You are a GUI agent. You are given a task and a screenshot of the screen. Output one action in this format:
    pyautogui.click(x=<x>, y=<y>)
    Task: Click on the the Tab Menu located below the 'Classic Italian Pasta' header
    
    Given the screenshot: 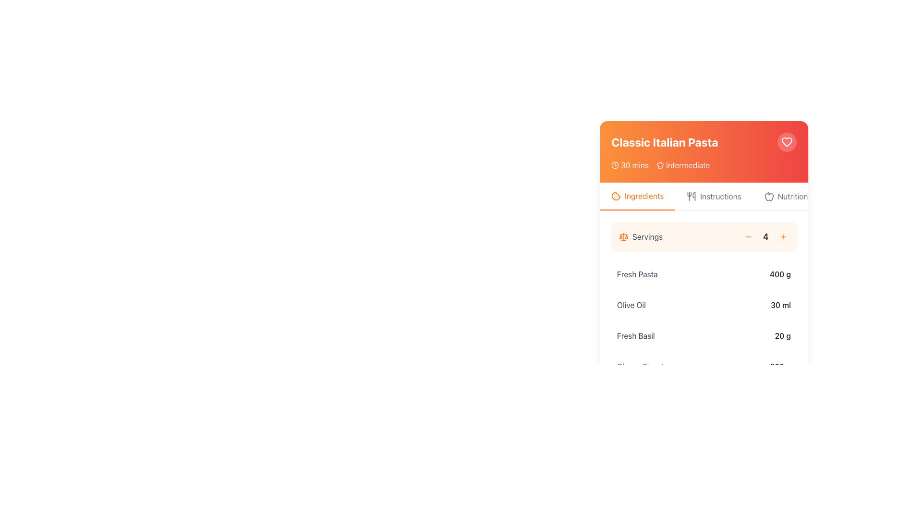 What is the action you would take?
    pyautogui.click(x=704, y=196)
    